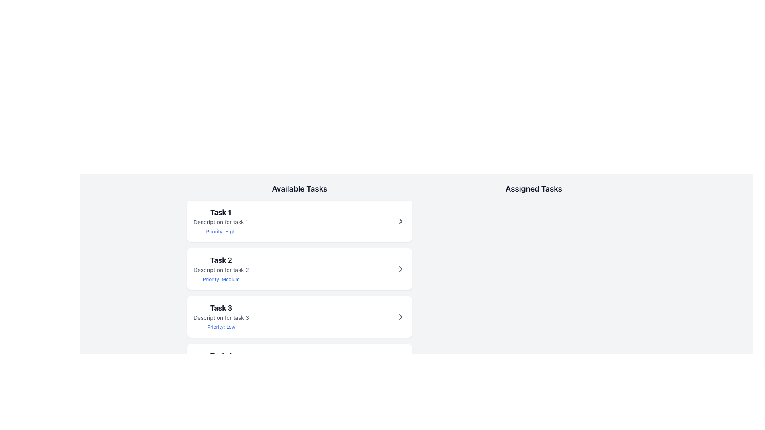 The image size is (765, 430). Describe the element at coordinates (401, 269) in the screenshot. I see `the chevron SVG icon associated with Task 2 in the 'Available Tasks' column` at that location.